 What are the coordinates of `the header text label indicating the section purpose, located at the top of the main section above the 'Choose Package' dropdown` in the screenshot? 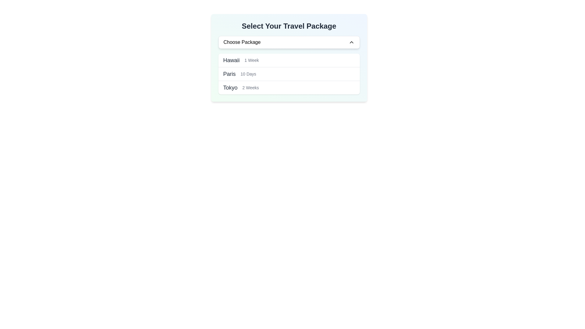 It's located at (289, 26).